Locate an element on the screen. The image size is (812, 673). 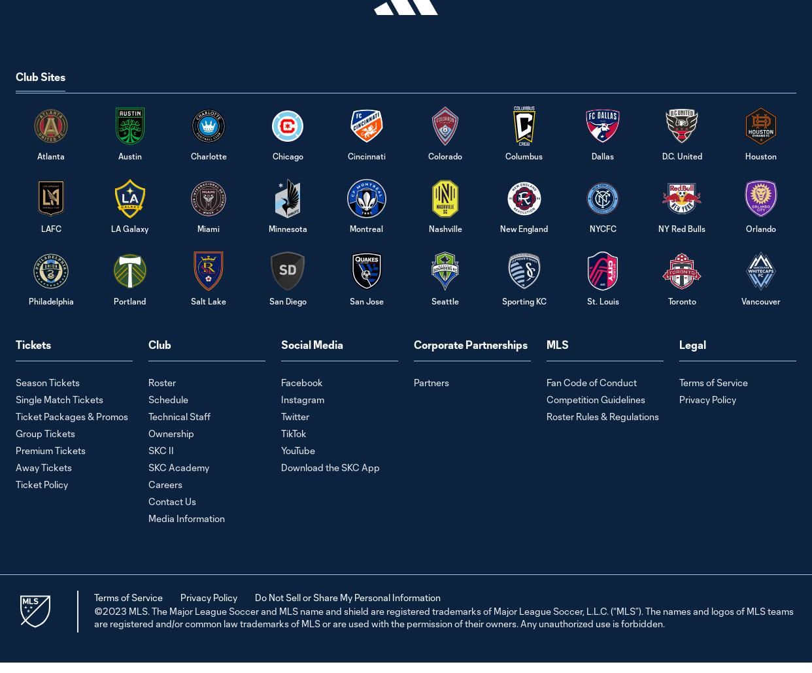
'Vancouver' is located at coordinates (760, 299).